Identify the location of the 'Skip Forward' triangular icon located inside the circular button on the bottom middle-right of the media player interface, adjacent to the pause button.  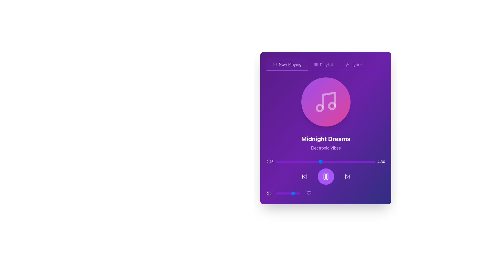
(347, 176).